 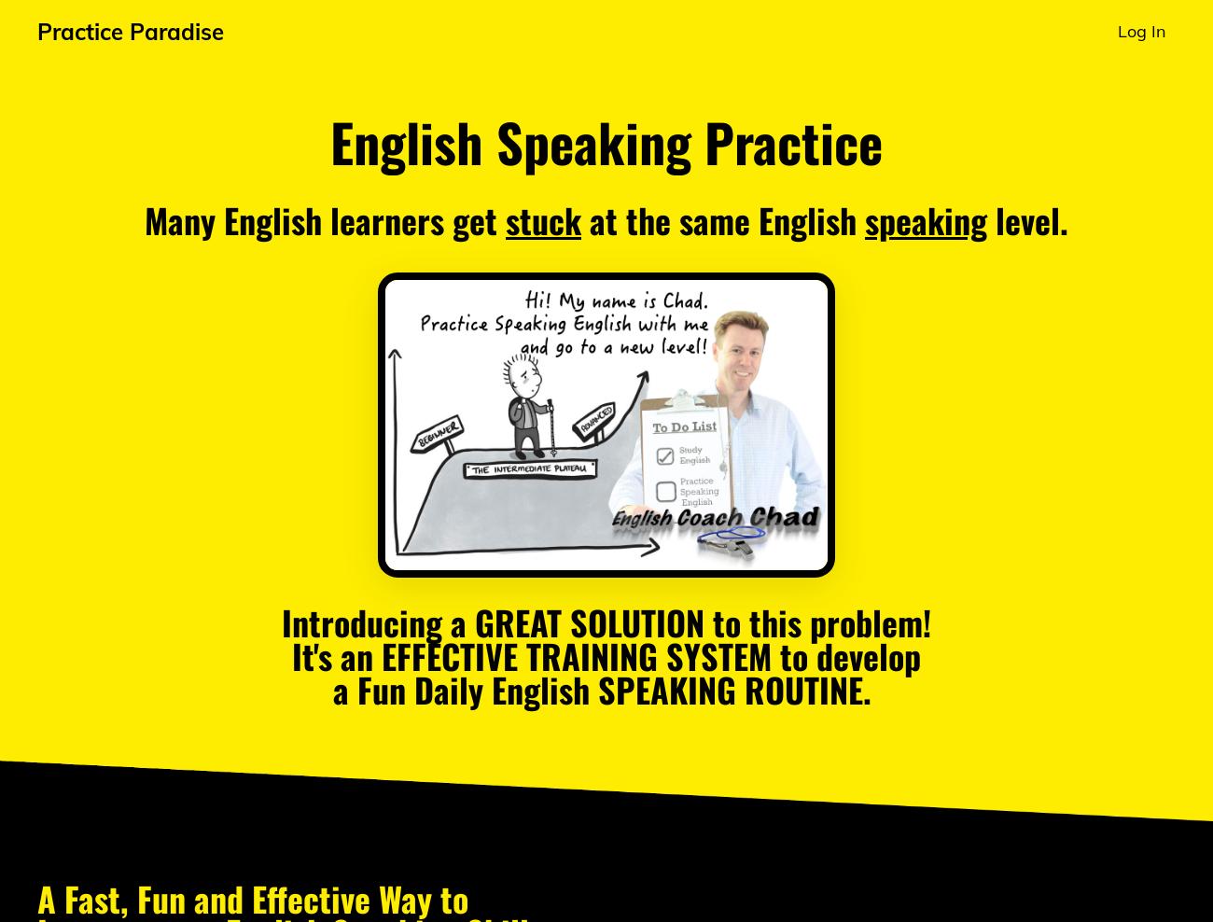 I want to click on 'stuck', so click(x=542, y=218).